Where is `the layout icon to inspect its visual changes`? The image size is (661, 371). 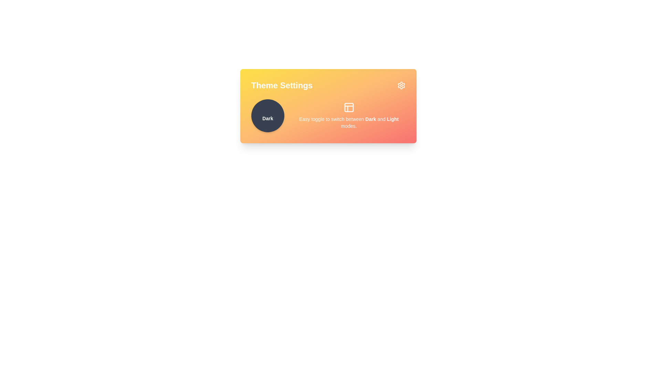
the layout icon to inspect its visual changes is located at coordinates (349, 107).